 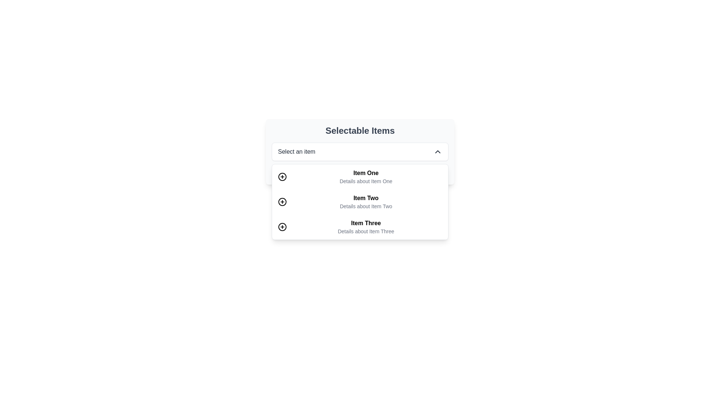 I want to click on the second item in the dropdown menu, labeled 'Item Two', so click(x=360, y=202).